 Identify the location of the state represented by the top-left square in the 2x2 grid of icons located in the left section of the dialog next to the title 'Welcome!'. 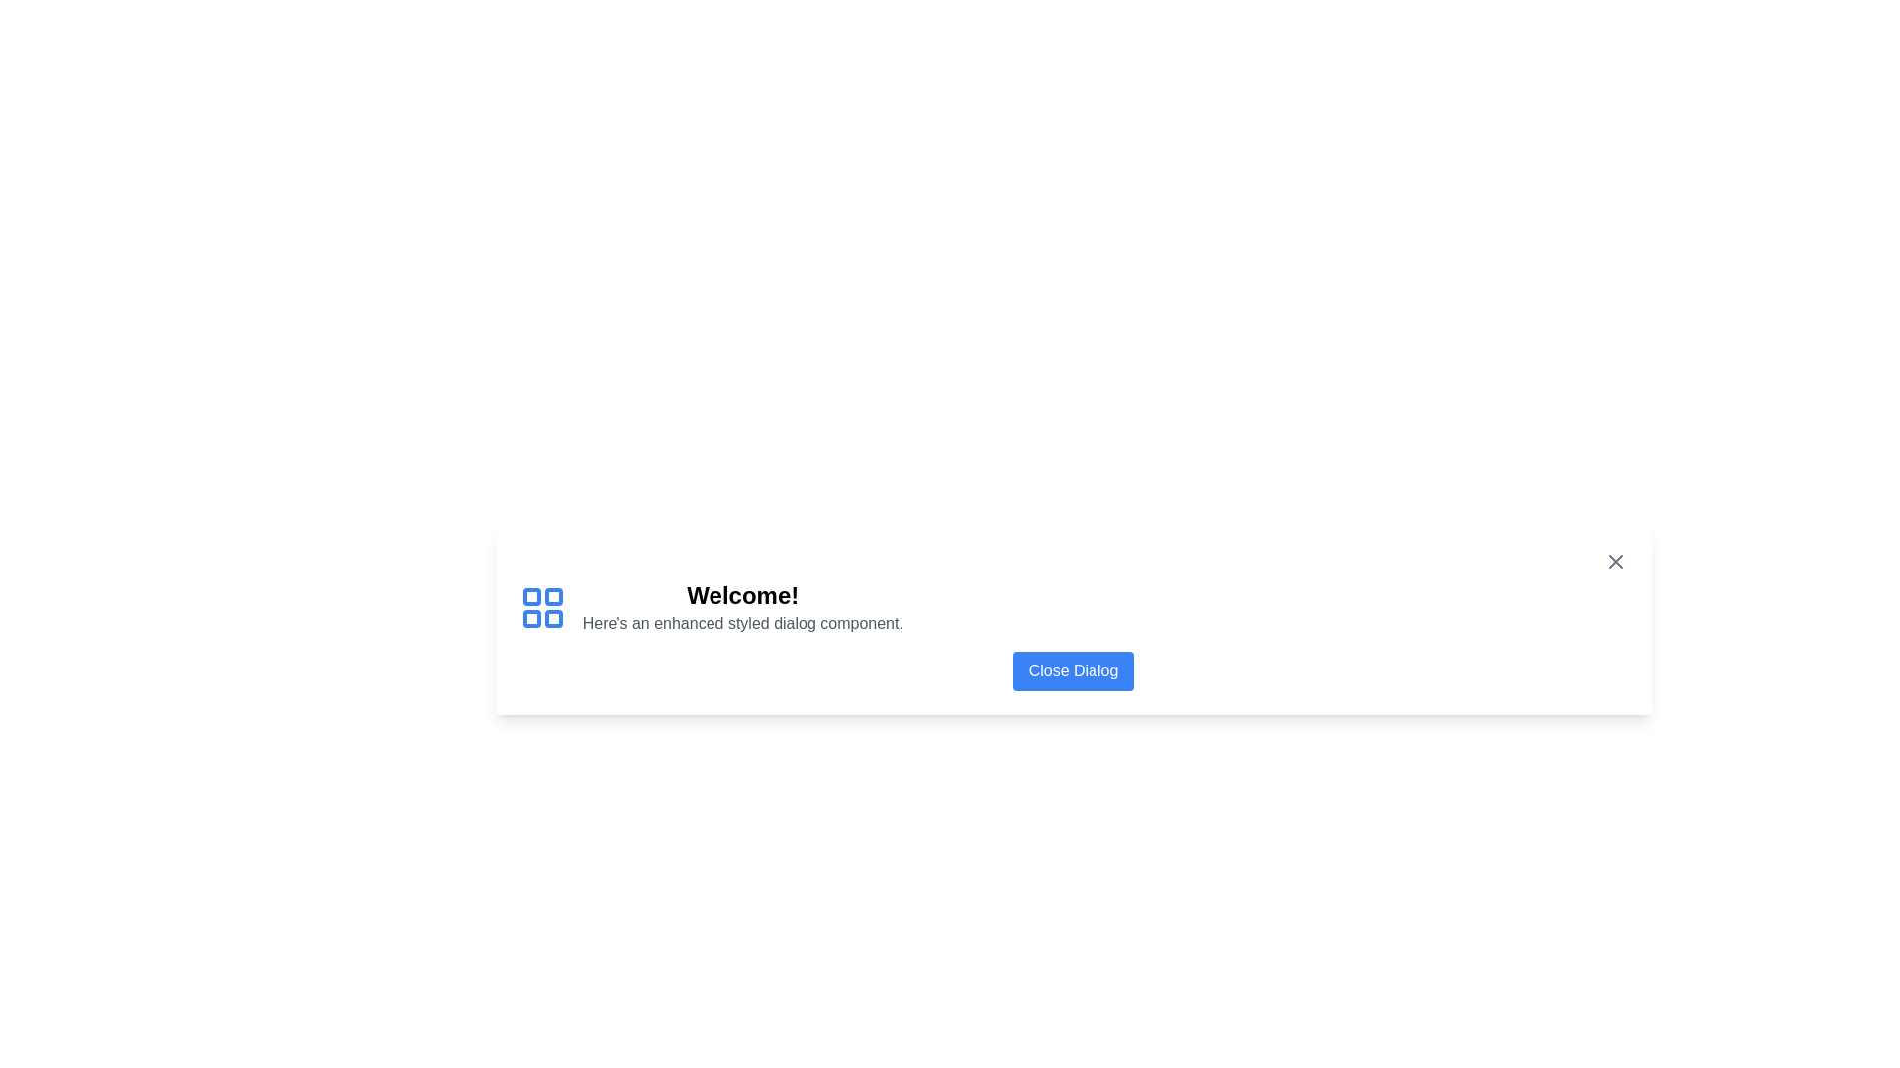
(531, 595).